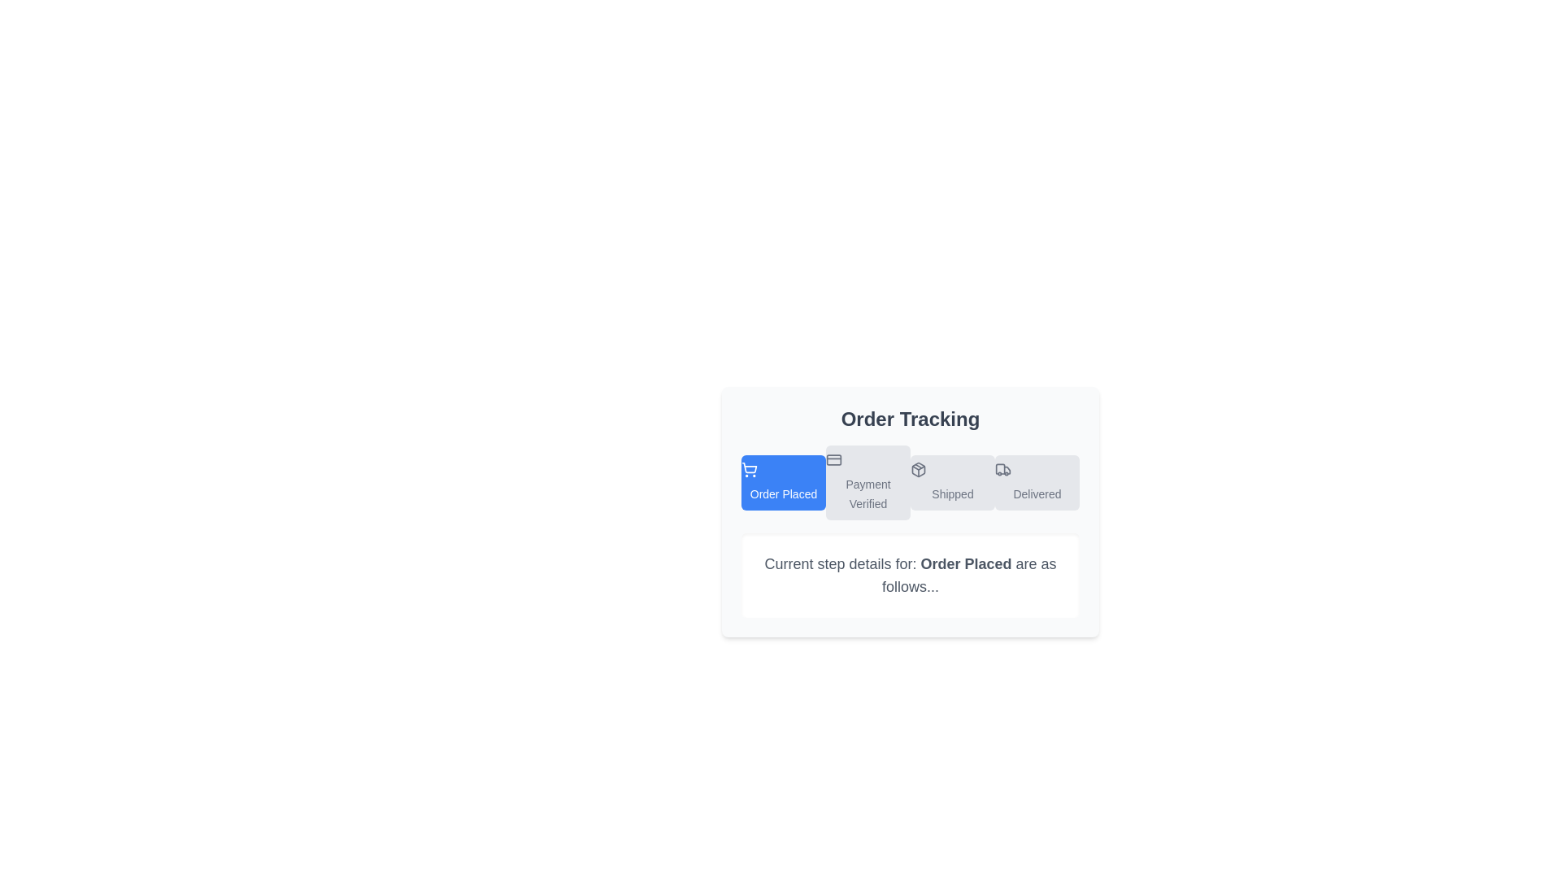 The image size is (1561, 878). Describe the element at coordinates (784, 493) in the screenshot. I see `the Text label indicating the first step in the order tracking progress, which is located inside the blue button on the far left of the navigation bar` at that location.